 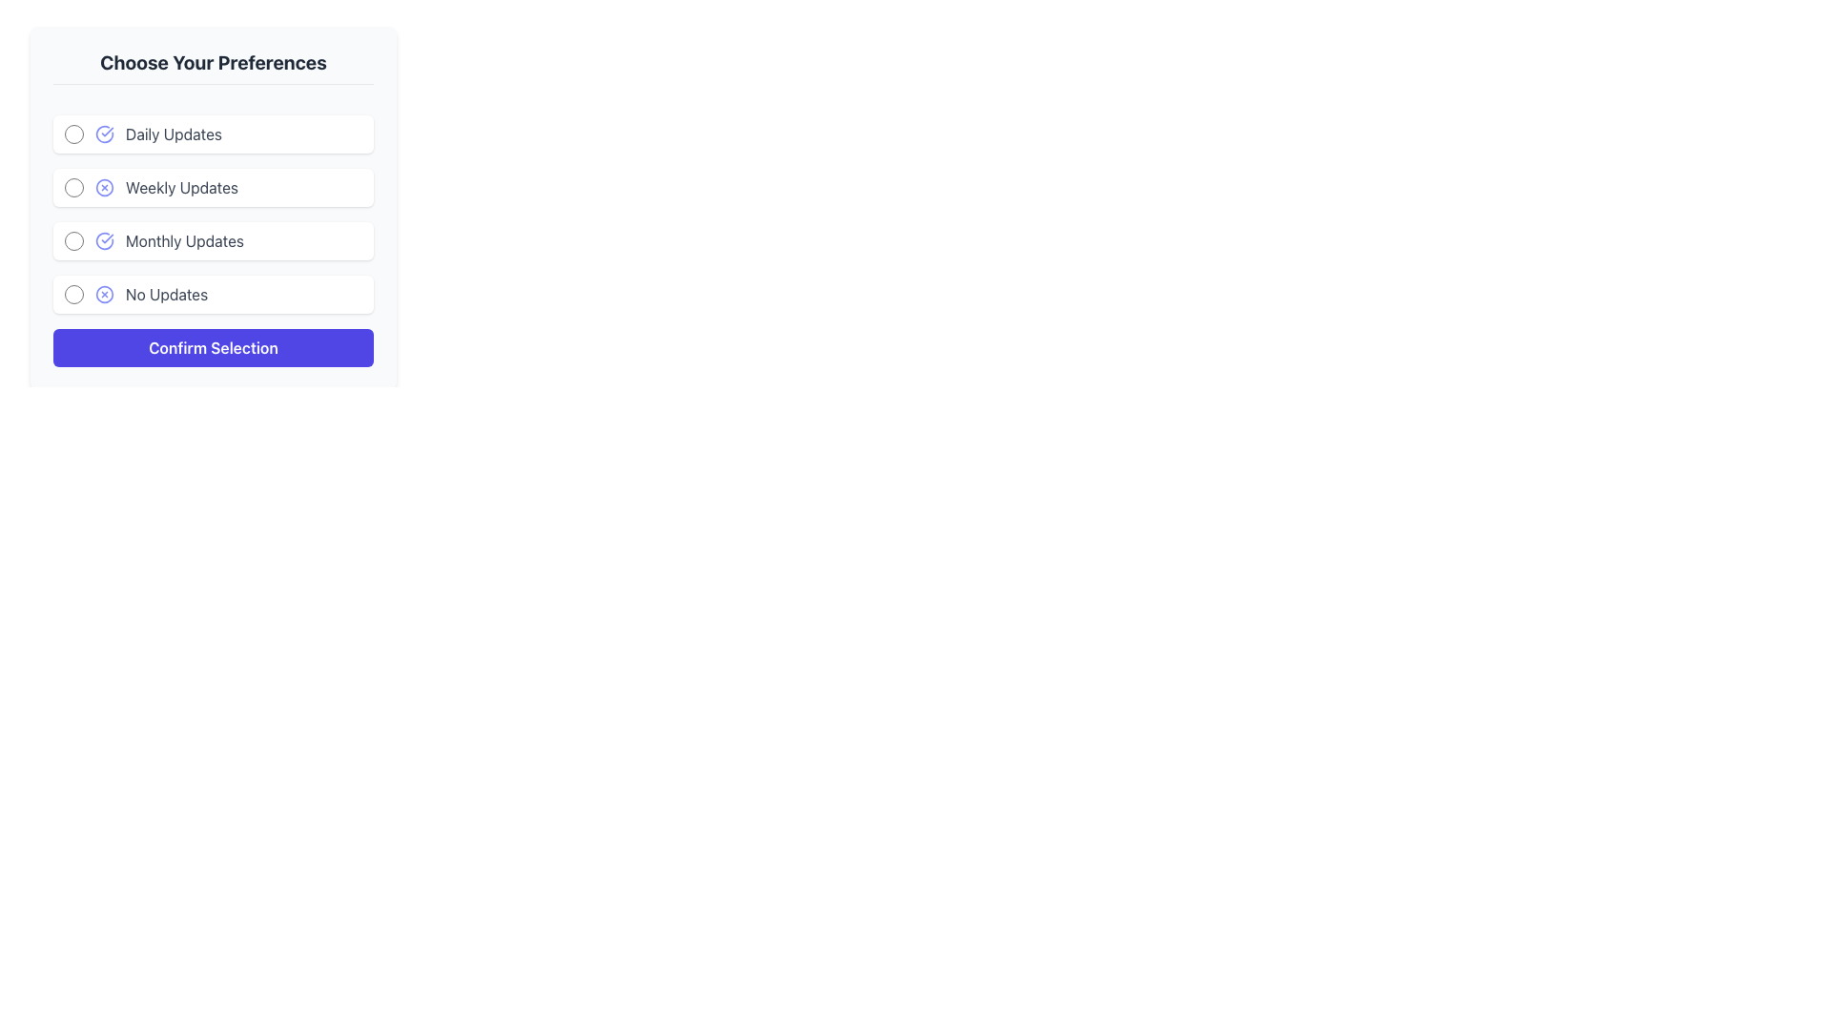 I want to click on the upper segment of the circular SVG icon located to the left of the text 'Monthly Updates'. This segment is a curved arc part of a larger circular outline, represented in a simple vector style, so click(x=104, y=240).